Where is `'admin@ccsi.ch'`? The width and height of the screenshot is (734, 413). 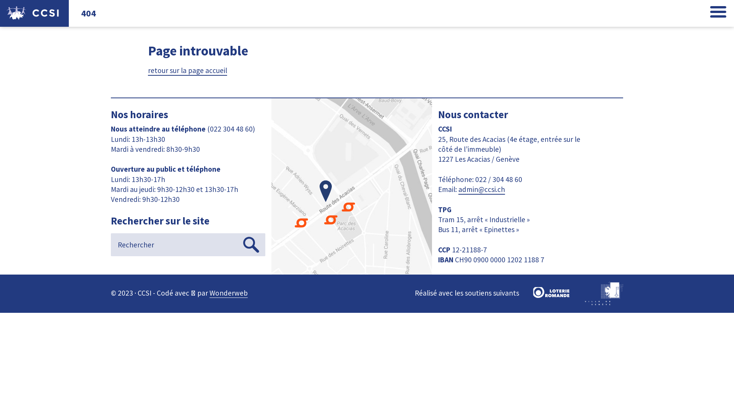 'admin@ccsi.ch' is located at coordinates (481, 189).